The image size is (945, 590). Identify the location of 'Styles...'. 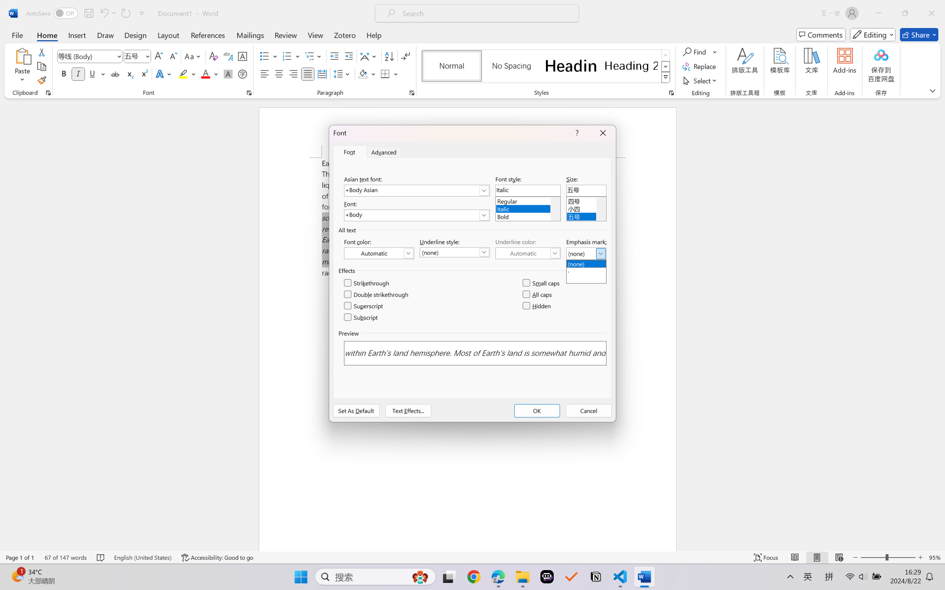
(671, 92).